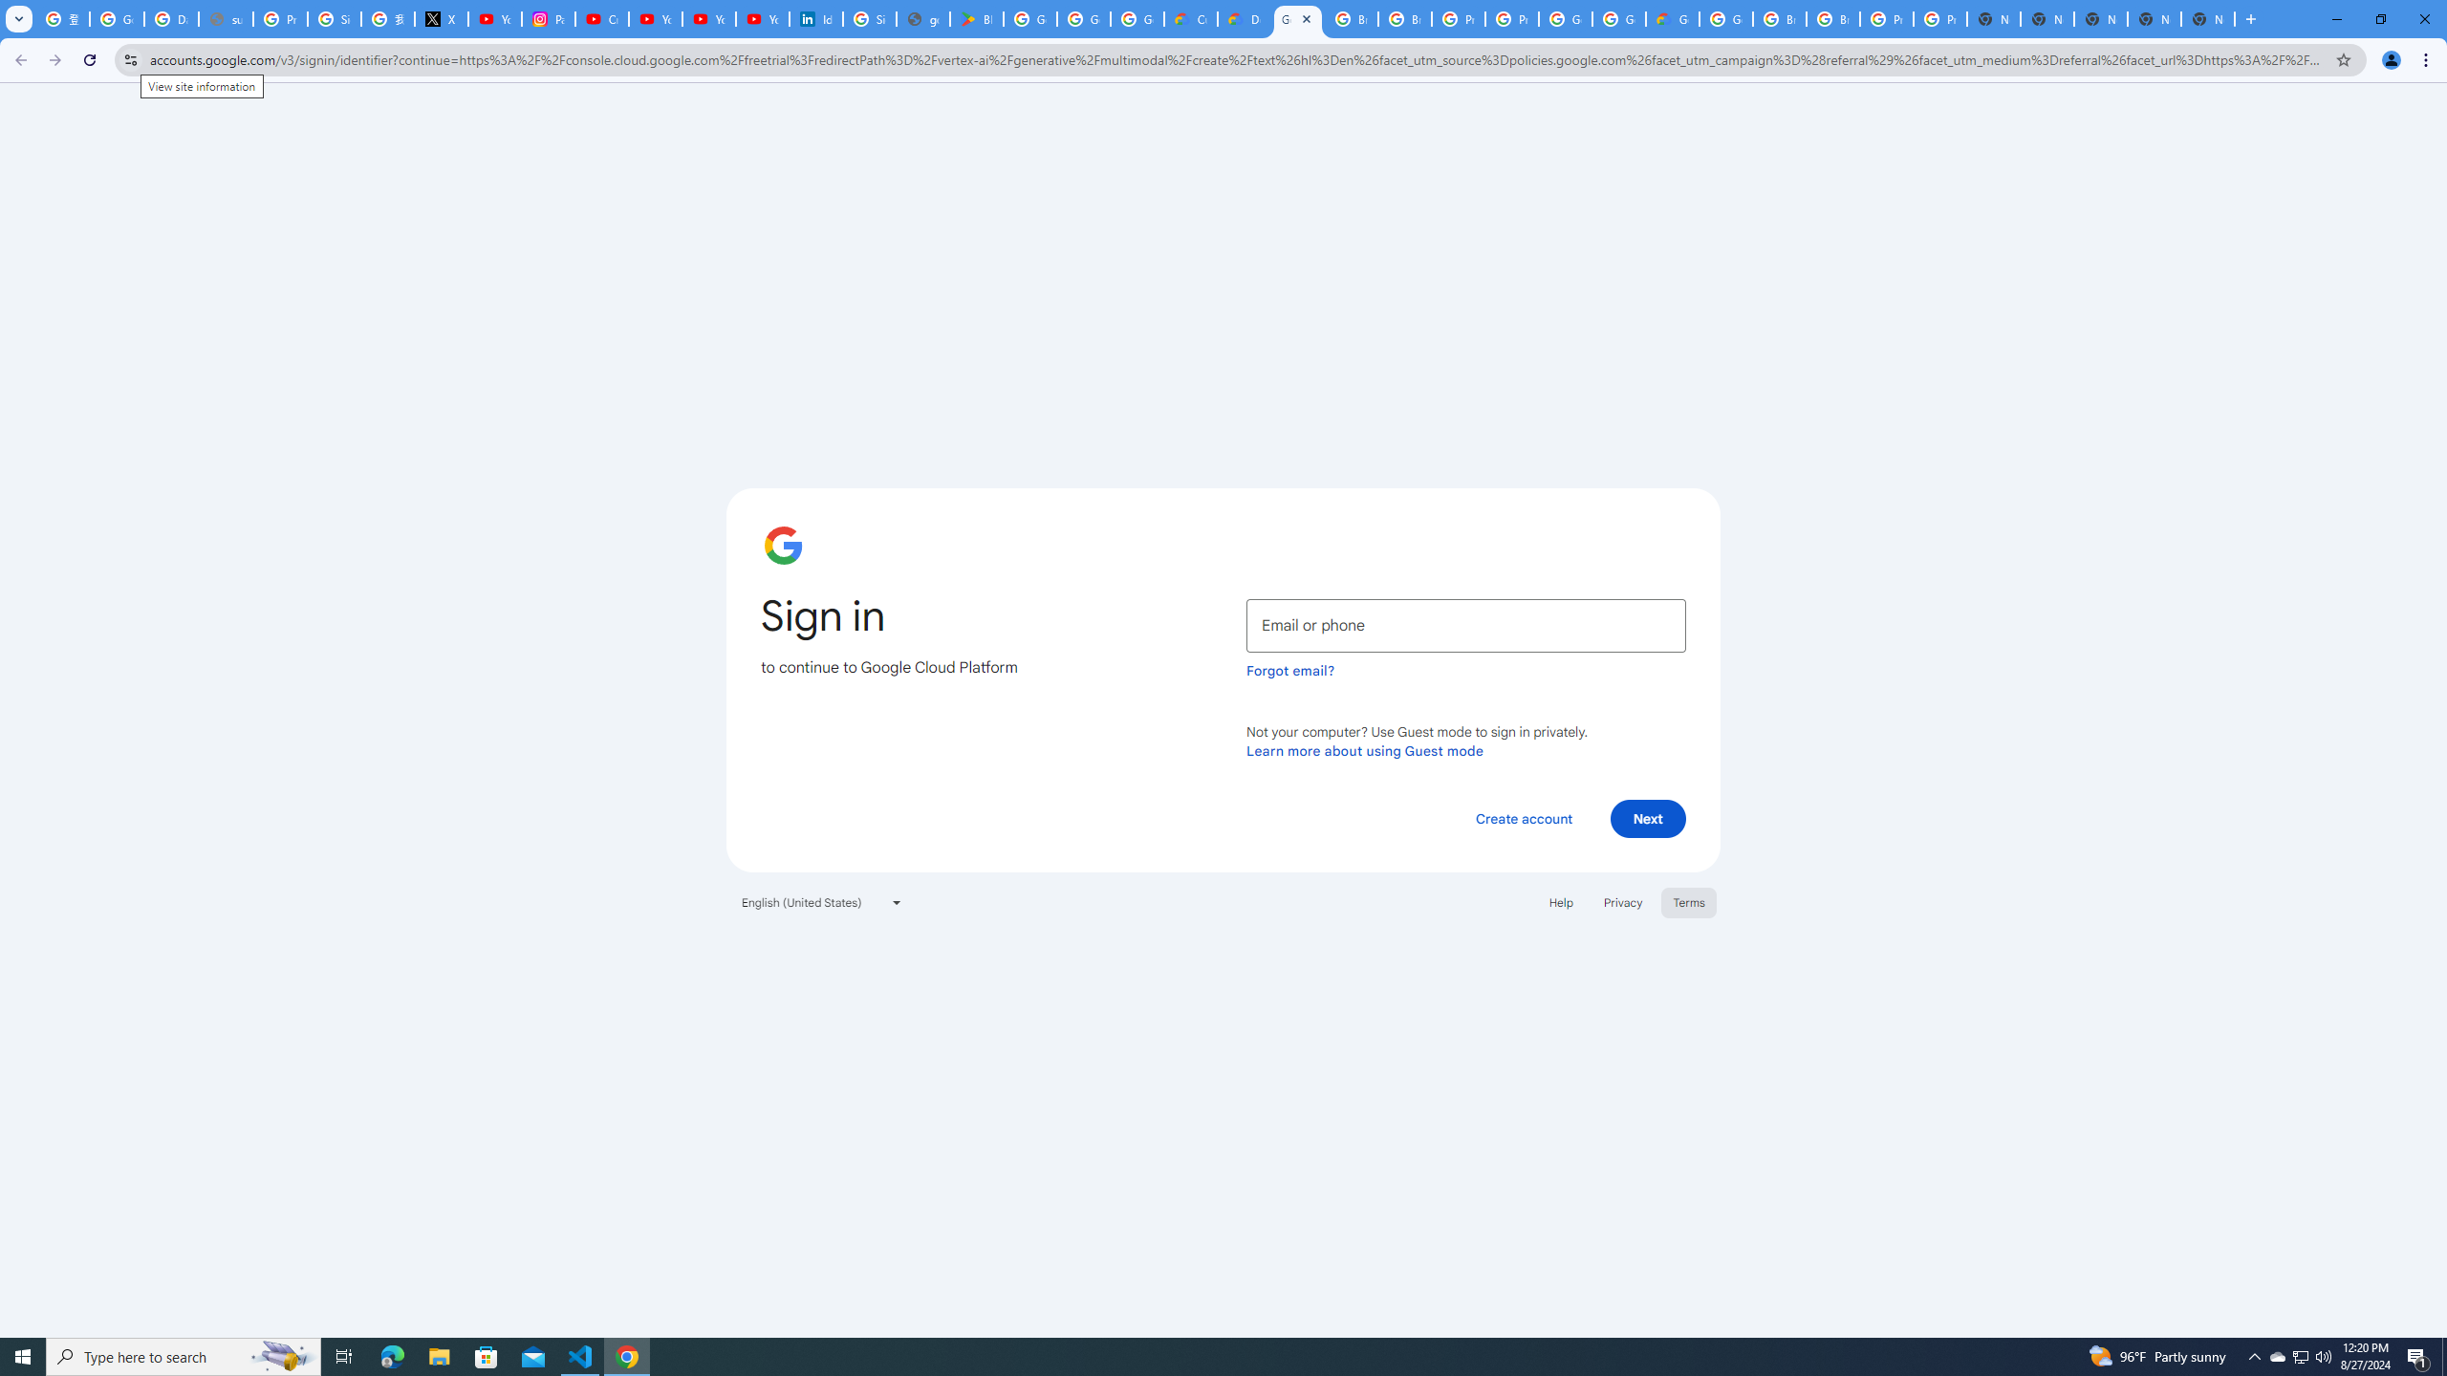 This screenshot has height=1376, width=2447. What do you see at coordinates (1465, 625) in the screenshot?
I see `'Email or phone'` at bounding box center [1465, 625].